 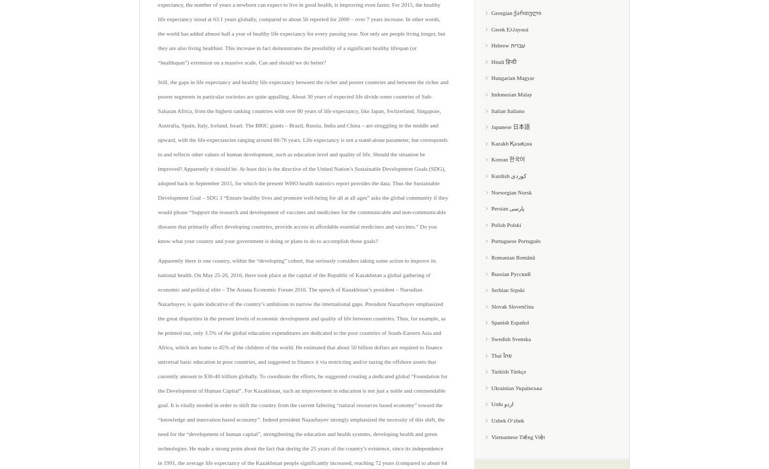 What do you see at coordinates (491, 208) in the screenshot?
I see `'Persian پارسی'` at bounding box center [491, 208].